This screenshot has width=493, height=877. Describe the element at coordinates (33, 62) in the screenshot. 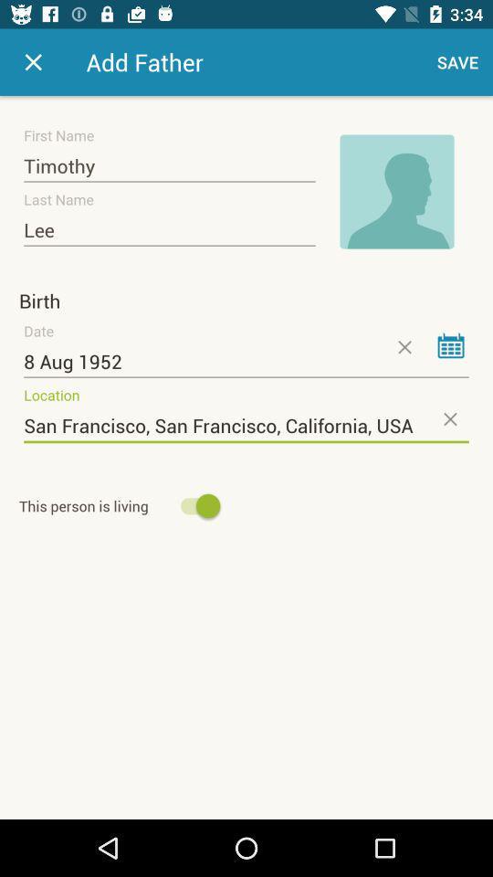

I see `contact information` at that location.